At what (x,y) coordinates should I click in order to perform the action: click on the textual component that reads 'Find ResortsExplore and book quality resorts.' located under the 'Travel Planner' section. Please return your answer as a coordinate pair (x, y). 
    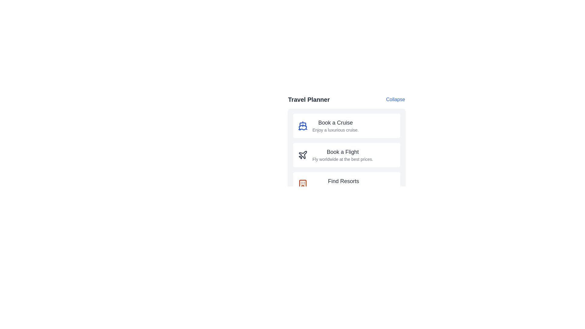
    Looking at the image, I should click on (343, 184).